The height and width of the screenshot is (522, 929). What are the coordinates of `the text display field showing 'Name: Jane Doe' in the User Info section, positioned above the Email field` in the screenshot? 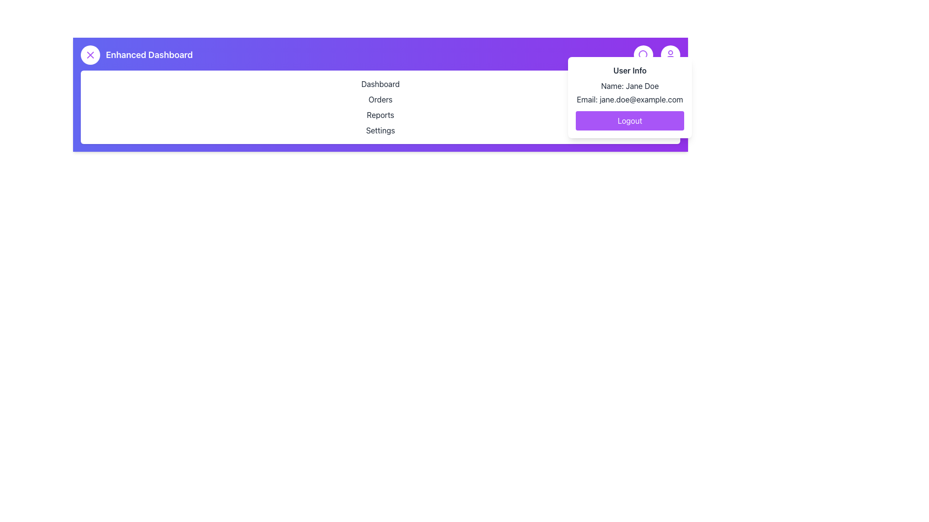 It's located at (629, 85).